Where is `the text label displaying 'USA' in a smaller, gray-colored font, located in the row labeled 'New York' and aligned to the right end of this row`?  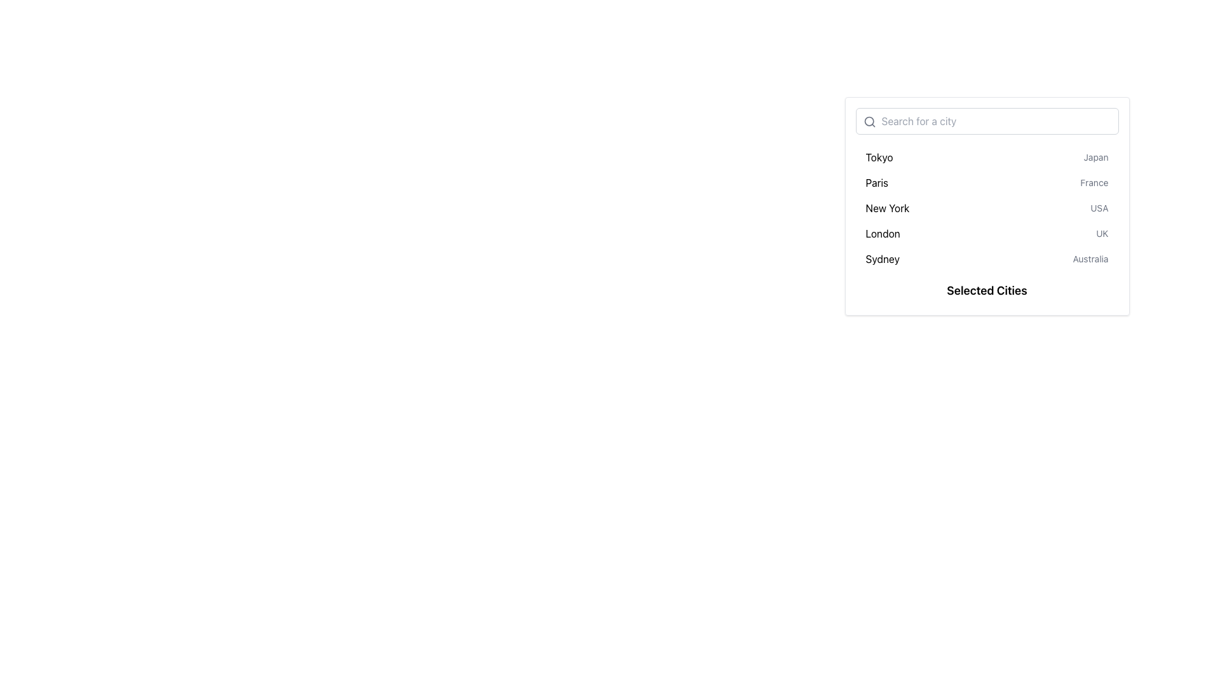 the text label displaying 'USA' in a smaller, gray-colored font, located in the row labeled 'New York' and aligned to the right end of this row is located at coordinates (1099, 207).